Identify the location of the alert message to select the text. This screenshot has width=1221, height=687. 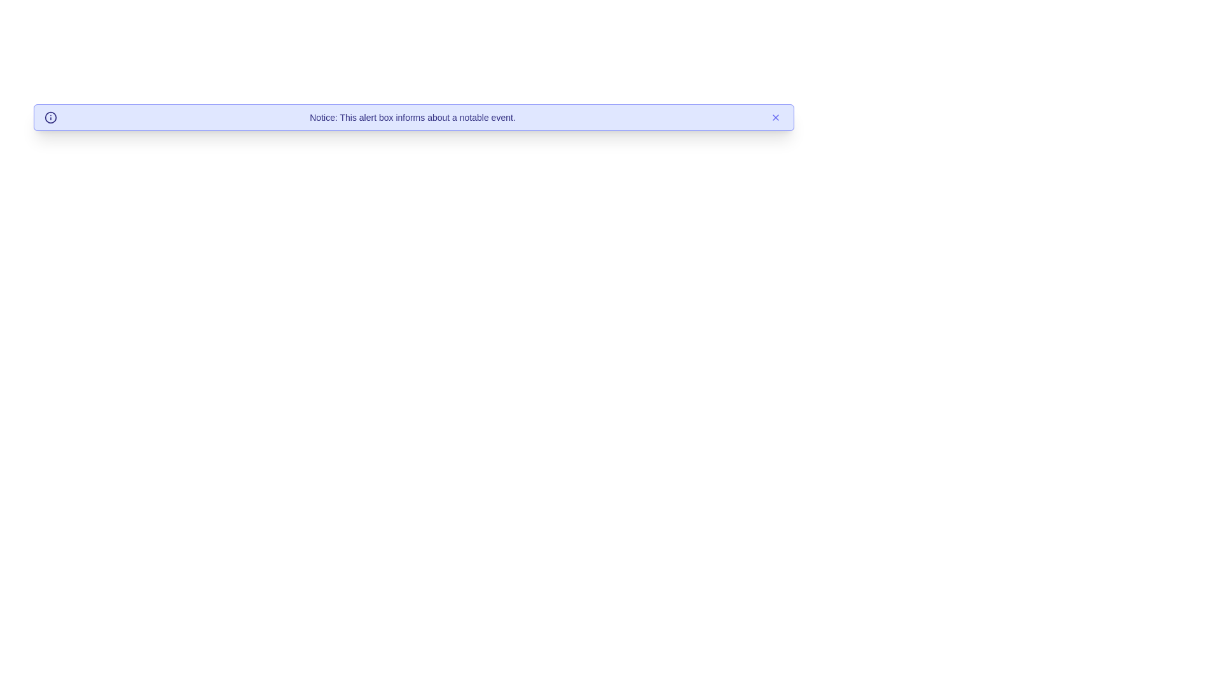
(414, 118).